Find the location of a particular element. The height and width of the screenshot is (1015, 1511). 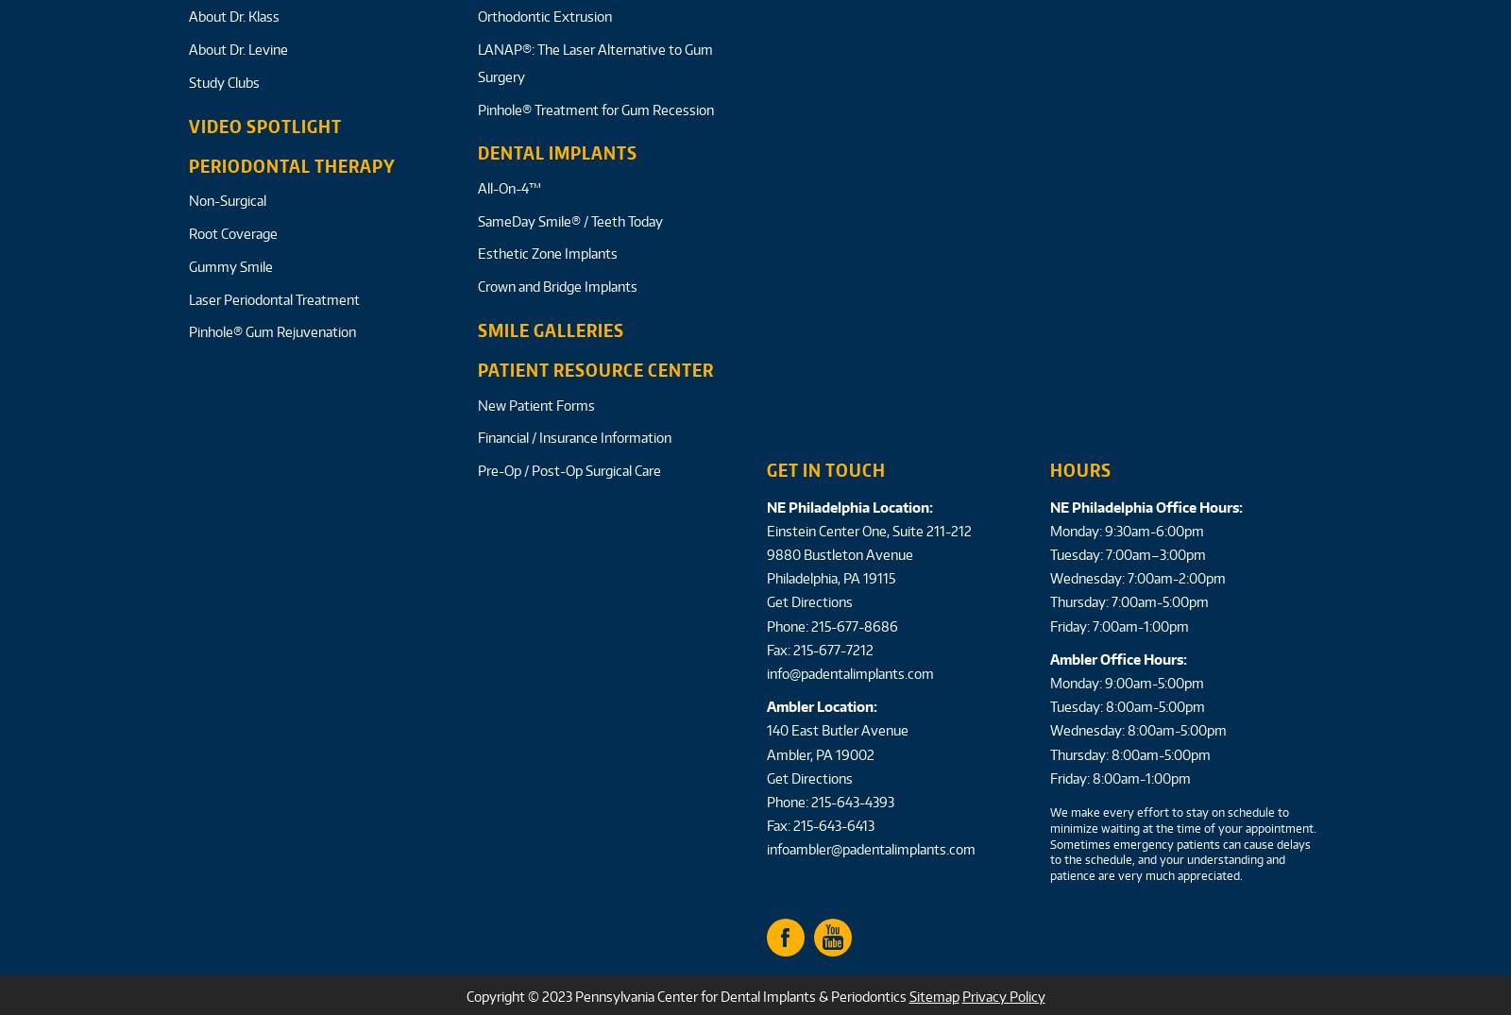

'Fax: 215-643-6413' is located at coordinates (765, 825).